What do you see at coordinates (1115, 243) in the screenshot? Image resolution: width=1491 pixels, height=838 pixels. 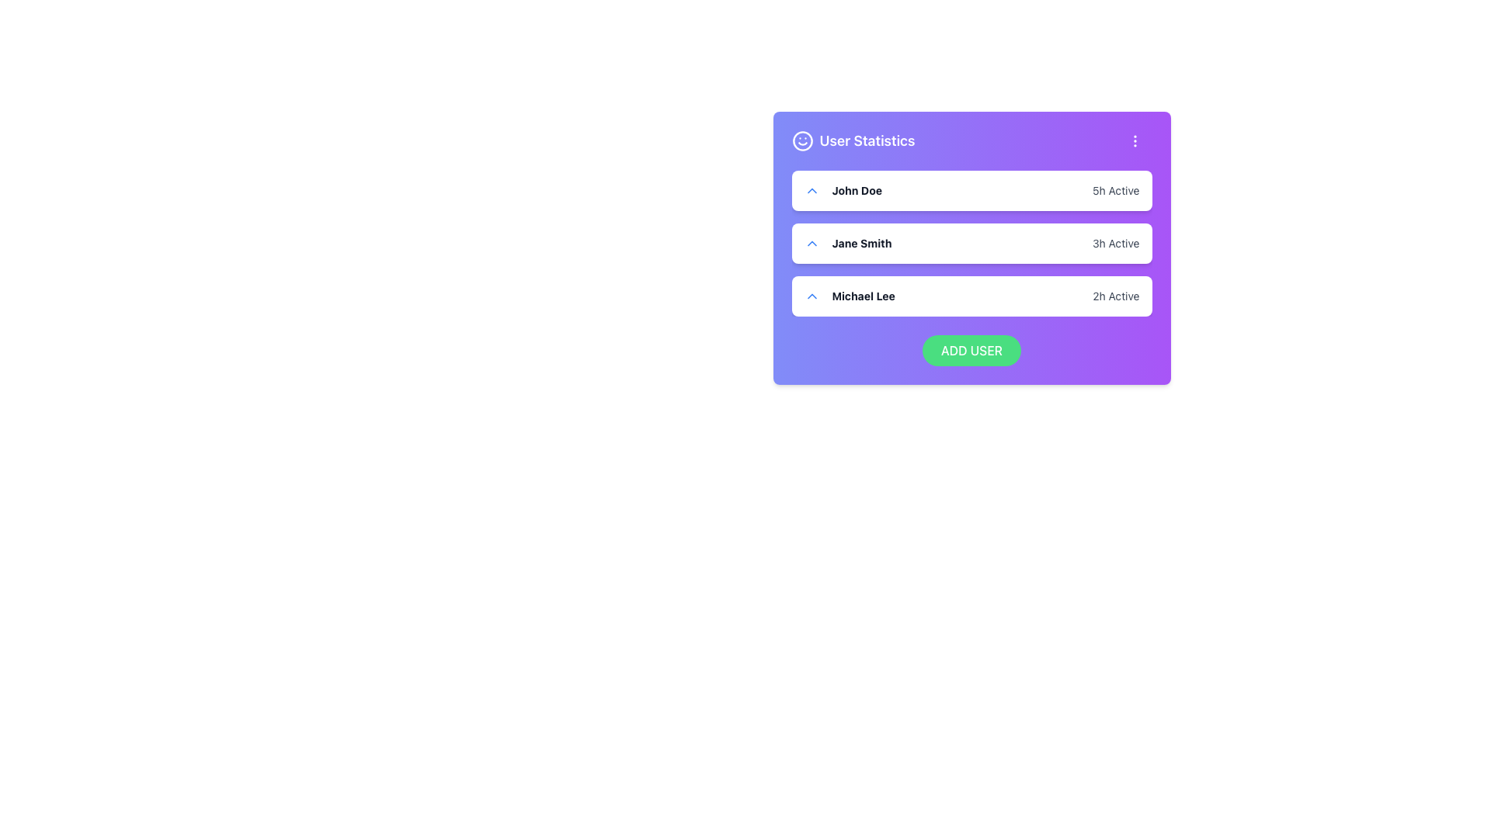 I see `the text content of the activity status label for user 'Jane Smith', which indicates the duration of her last recorded activity` at bounding box center [1115, 243].